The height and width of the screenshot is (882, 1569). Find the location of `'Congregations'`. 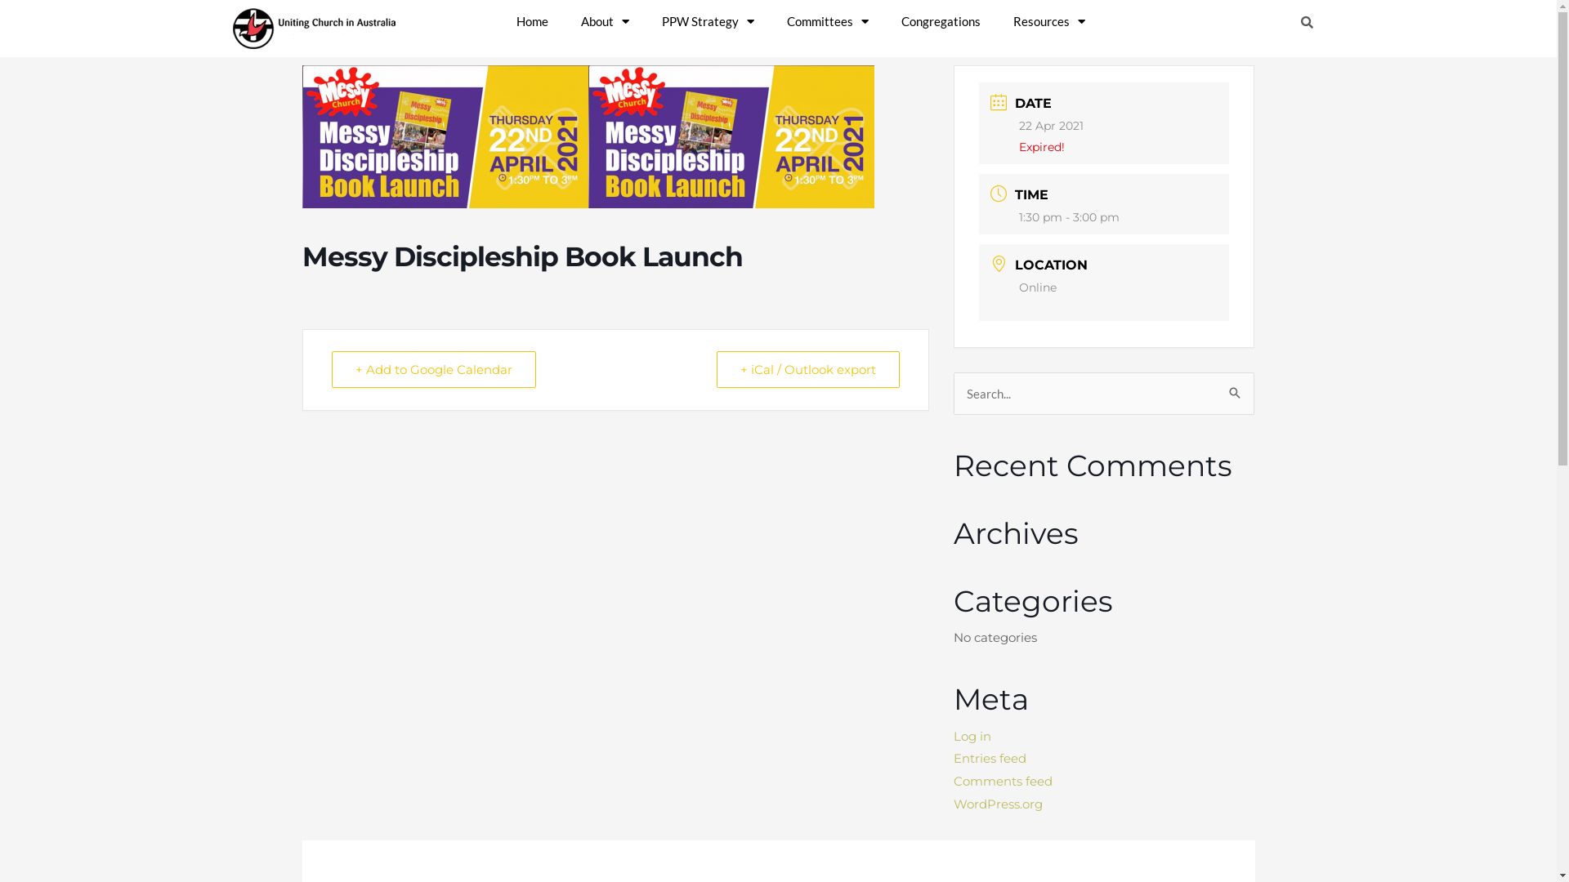

'Congregations' is located at coordinates (940, 21).